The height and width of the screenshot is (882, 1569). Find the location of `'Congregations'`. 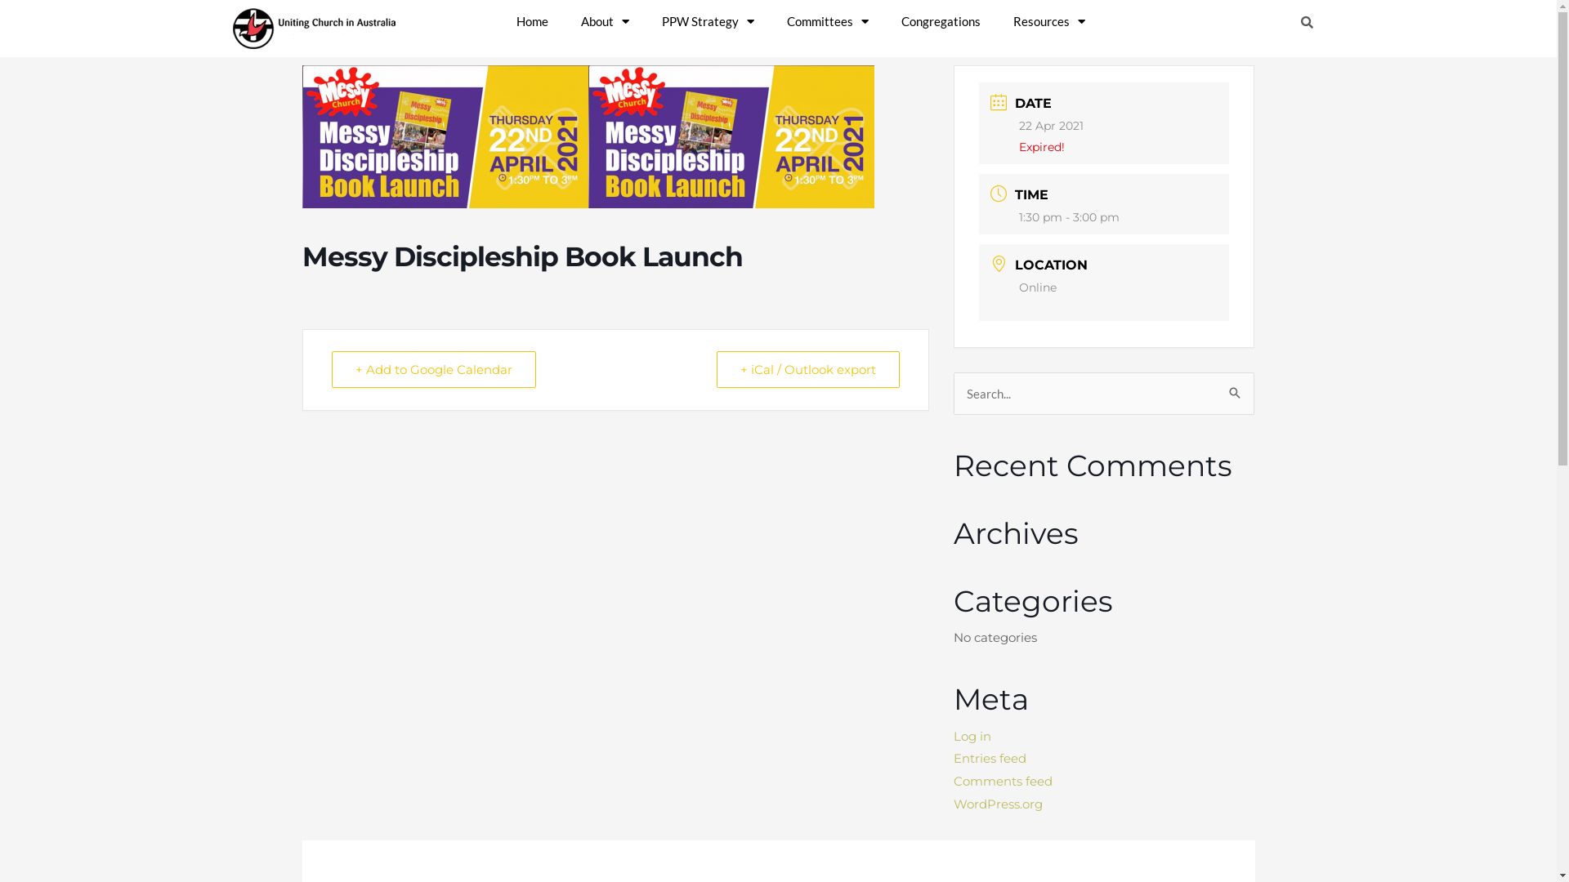

'Congregations' is located at coordinates (940, 21).